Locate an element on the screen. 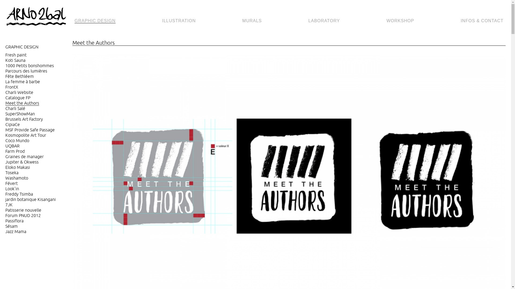  'FrontX' is located at coordinates (12, 87).